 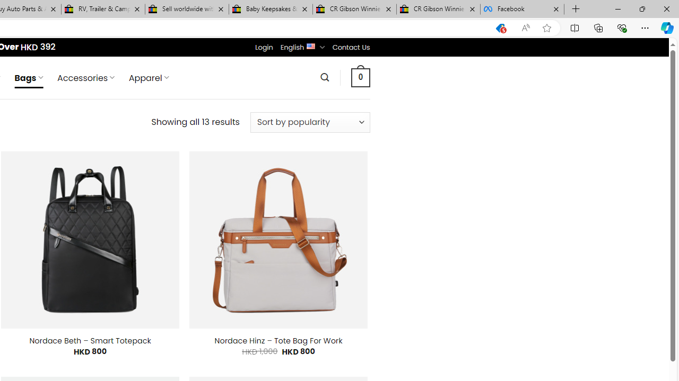 What do you see at coordinates (309, 122) in the screenshot?
I see `'Shop order'` at bounding box center [309, 122].